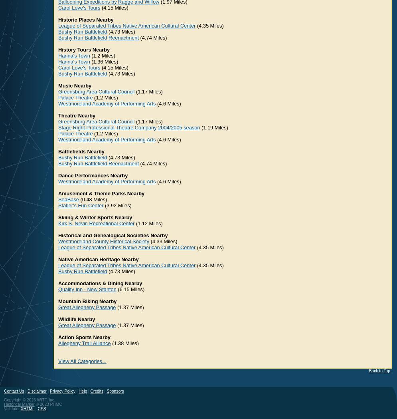  Describe the element at coordinates (12, 409) in the screenshot. I see `'Validate:'` at that location.